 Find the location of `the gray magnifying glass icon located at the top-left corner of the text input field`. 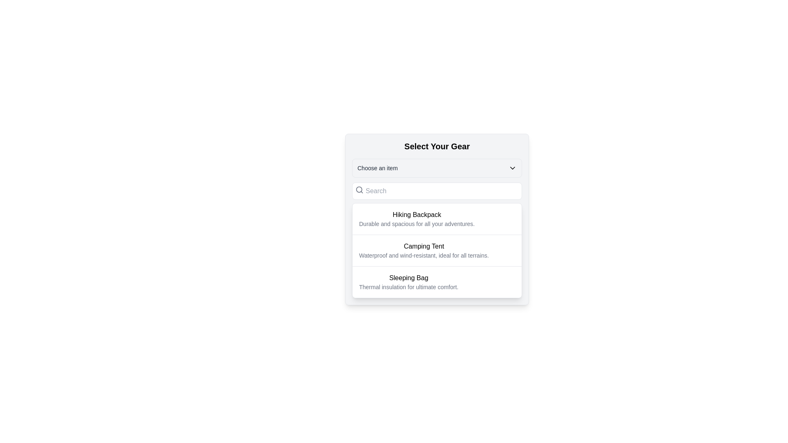

the gray magnifying glass icon located at the top-left corner of the text input field is located at coordinates (359, 190).